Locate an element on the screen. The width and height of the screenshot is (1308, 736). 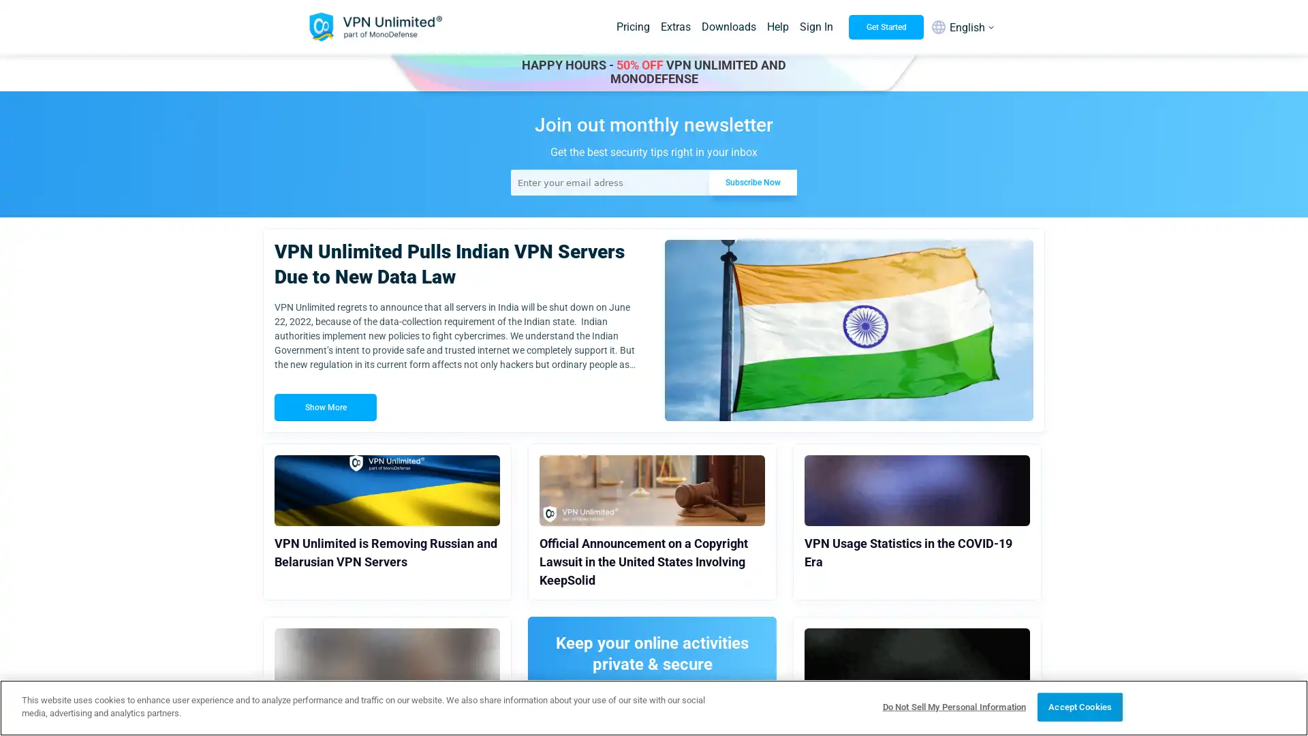
Accept Cookies is located at coordinates (1079, 706).